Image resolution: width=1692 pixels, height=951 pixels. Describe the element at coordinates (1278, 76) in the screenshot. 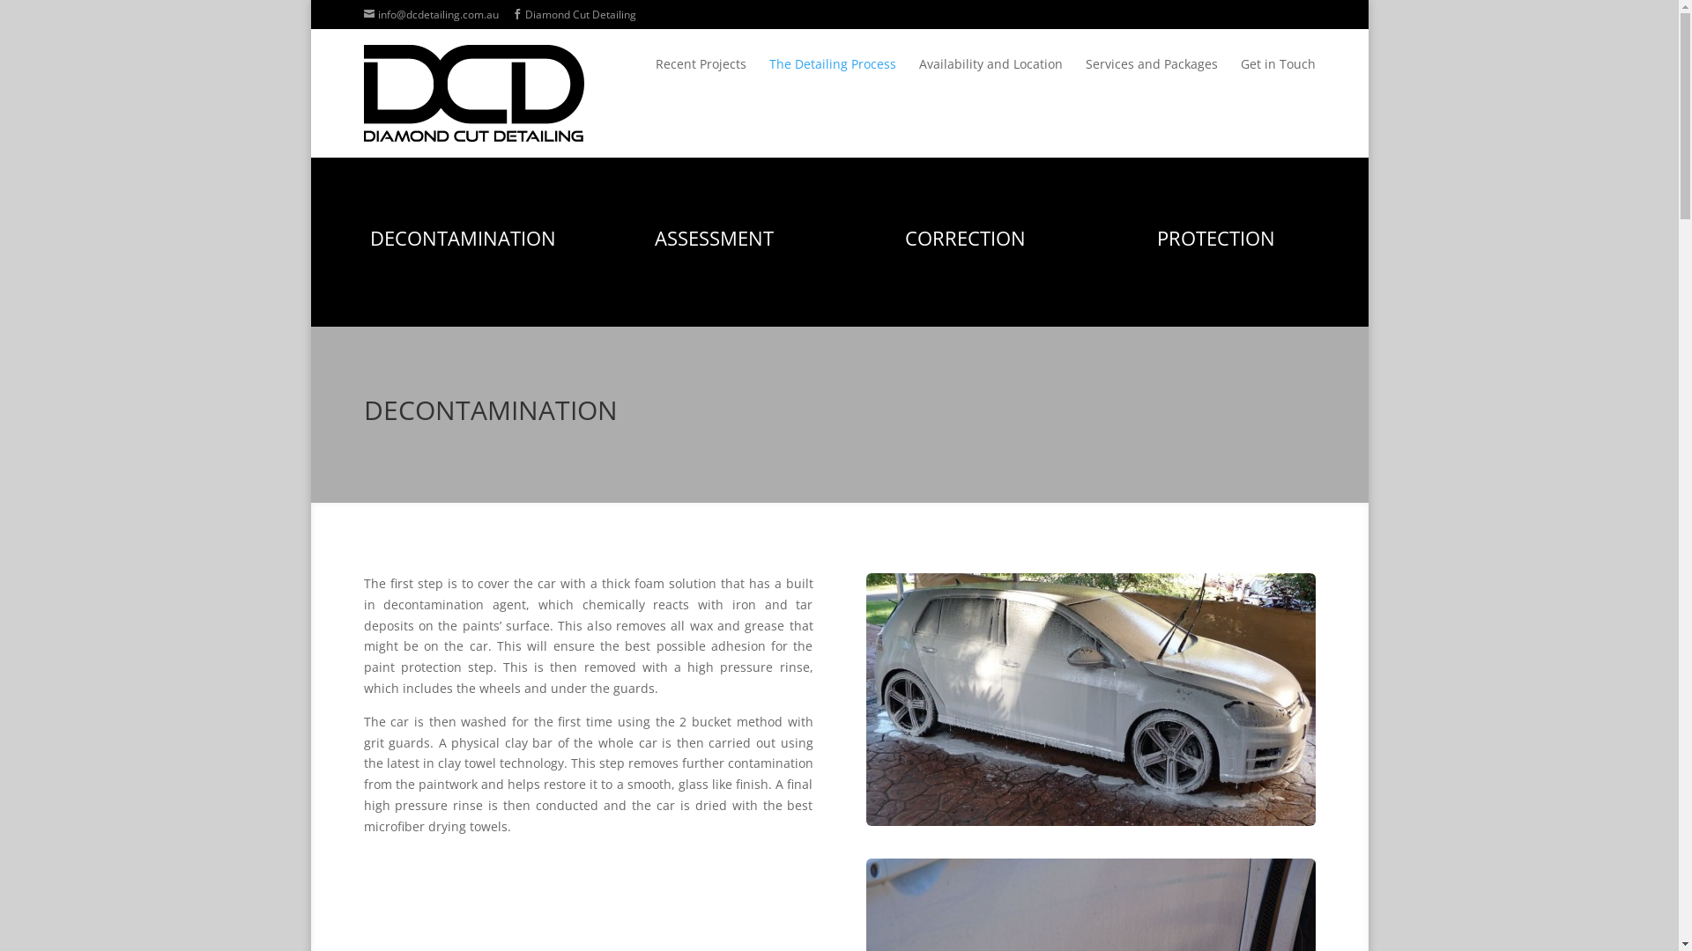

I see `'Get in Touch'` at that location.